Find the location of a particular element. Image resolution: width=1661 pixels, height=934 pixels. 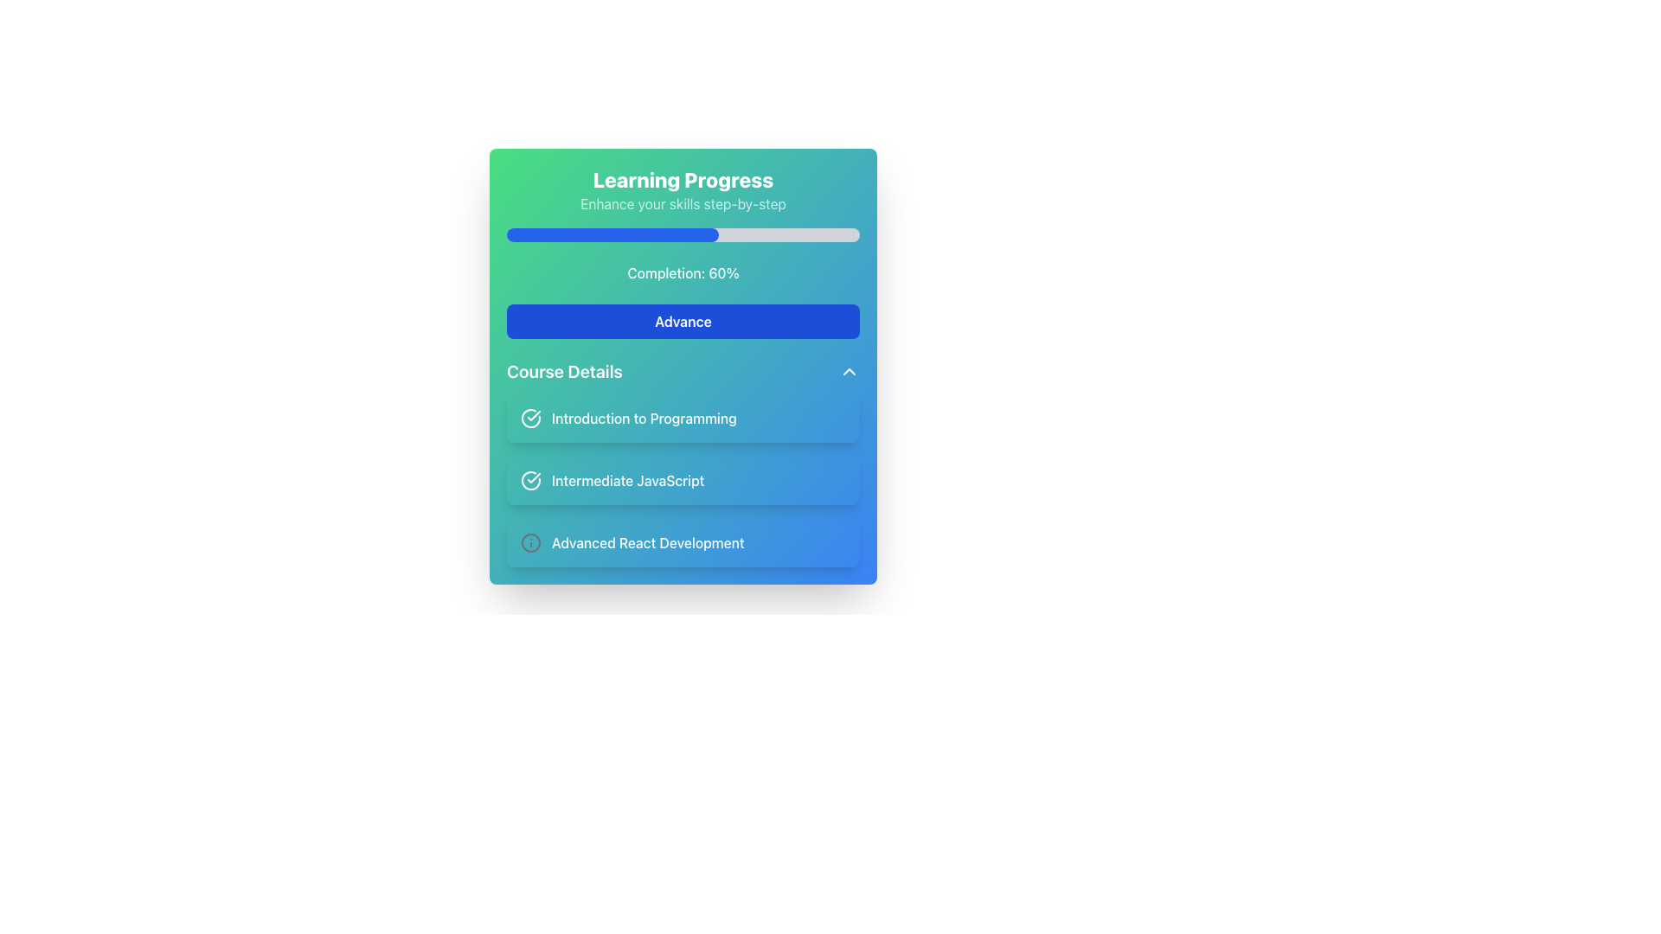

the interactive text label indicating the course titled 'Advanced React Development' located in the 'Course Details' section is located at coordinates (646, 542).